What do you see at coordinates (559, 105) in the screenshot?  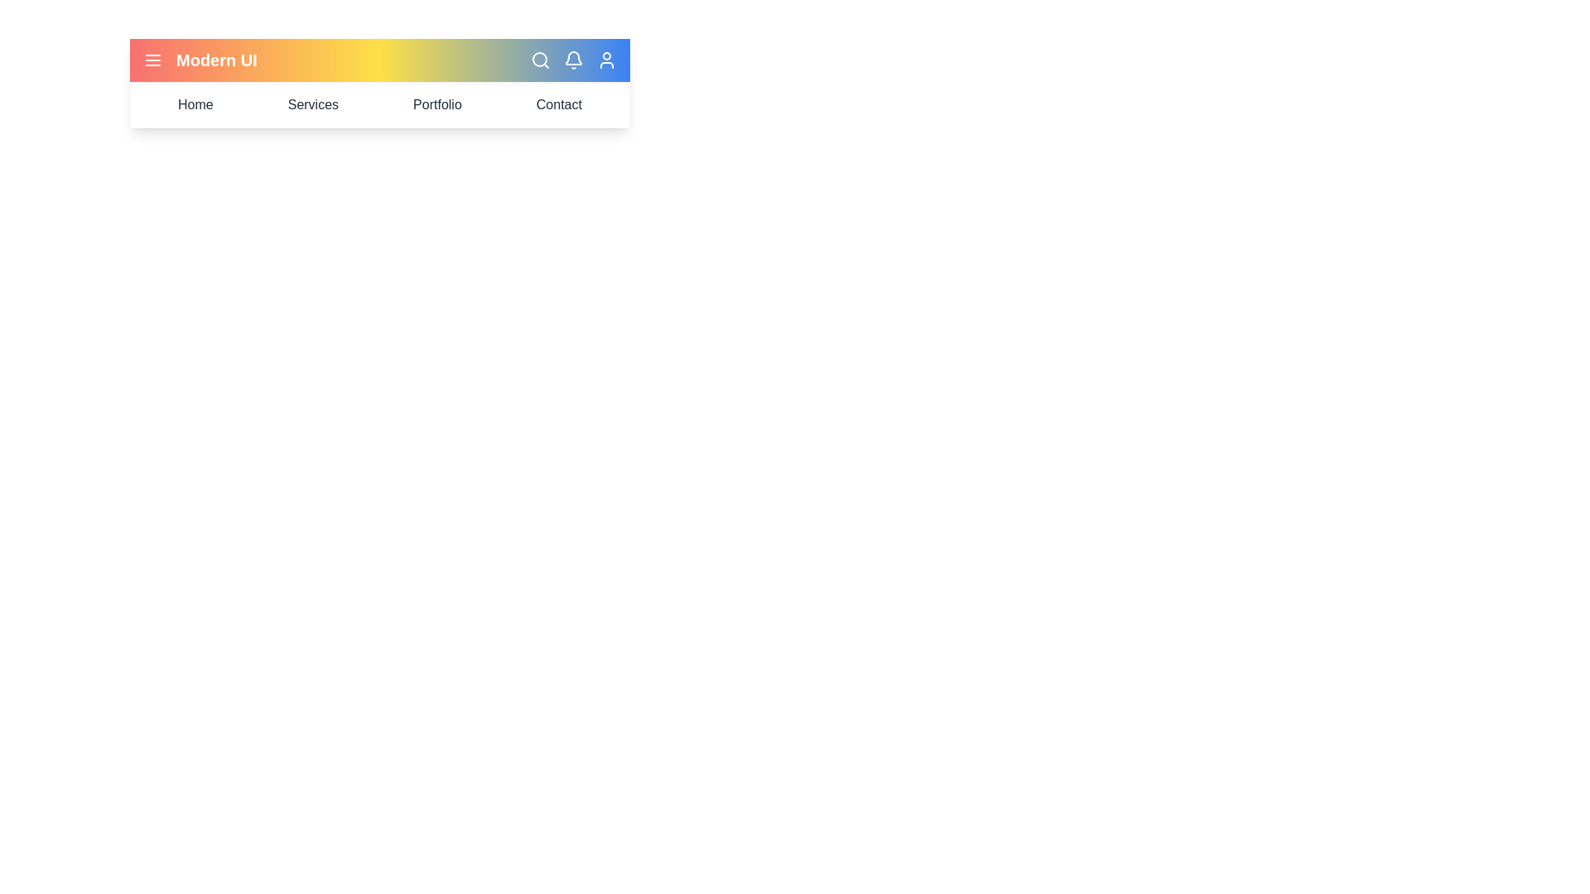 I see `the 'Contact' menu item` at bounding box center [559, 105].